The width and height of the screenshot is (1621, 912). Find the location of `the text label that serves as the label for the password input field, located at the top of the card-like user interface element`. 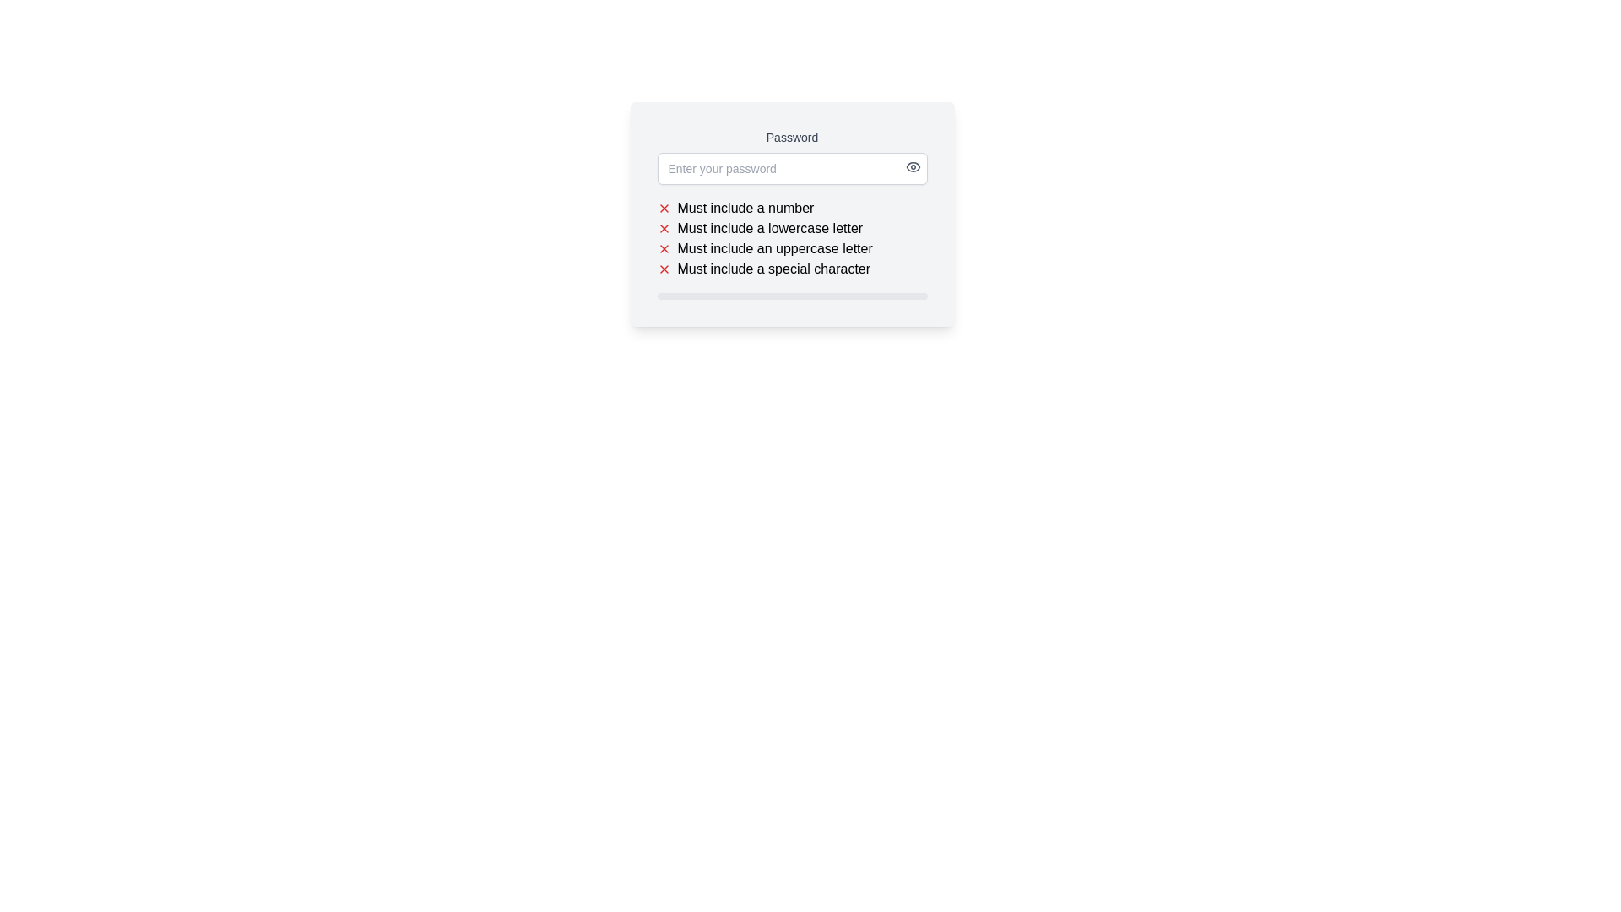

the text label that serves as the label for the password input field, located at the top of the card-like user interface element is located at coordinates (791, 136).